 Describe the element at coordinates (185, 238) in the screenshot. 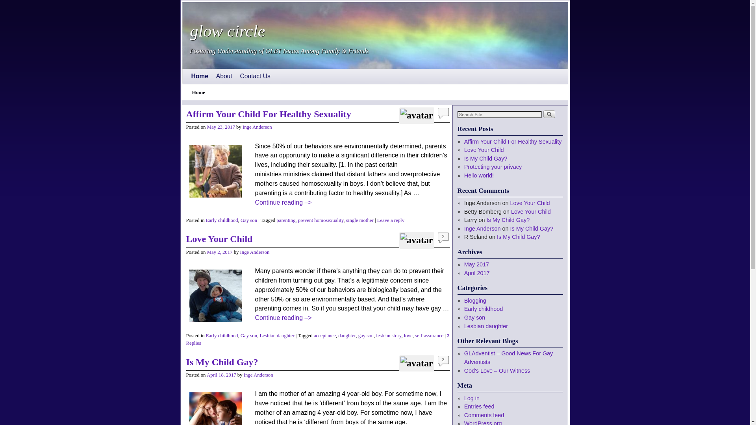

I see `'Love Your Child'` at that location.